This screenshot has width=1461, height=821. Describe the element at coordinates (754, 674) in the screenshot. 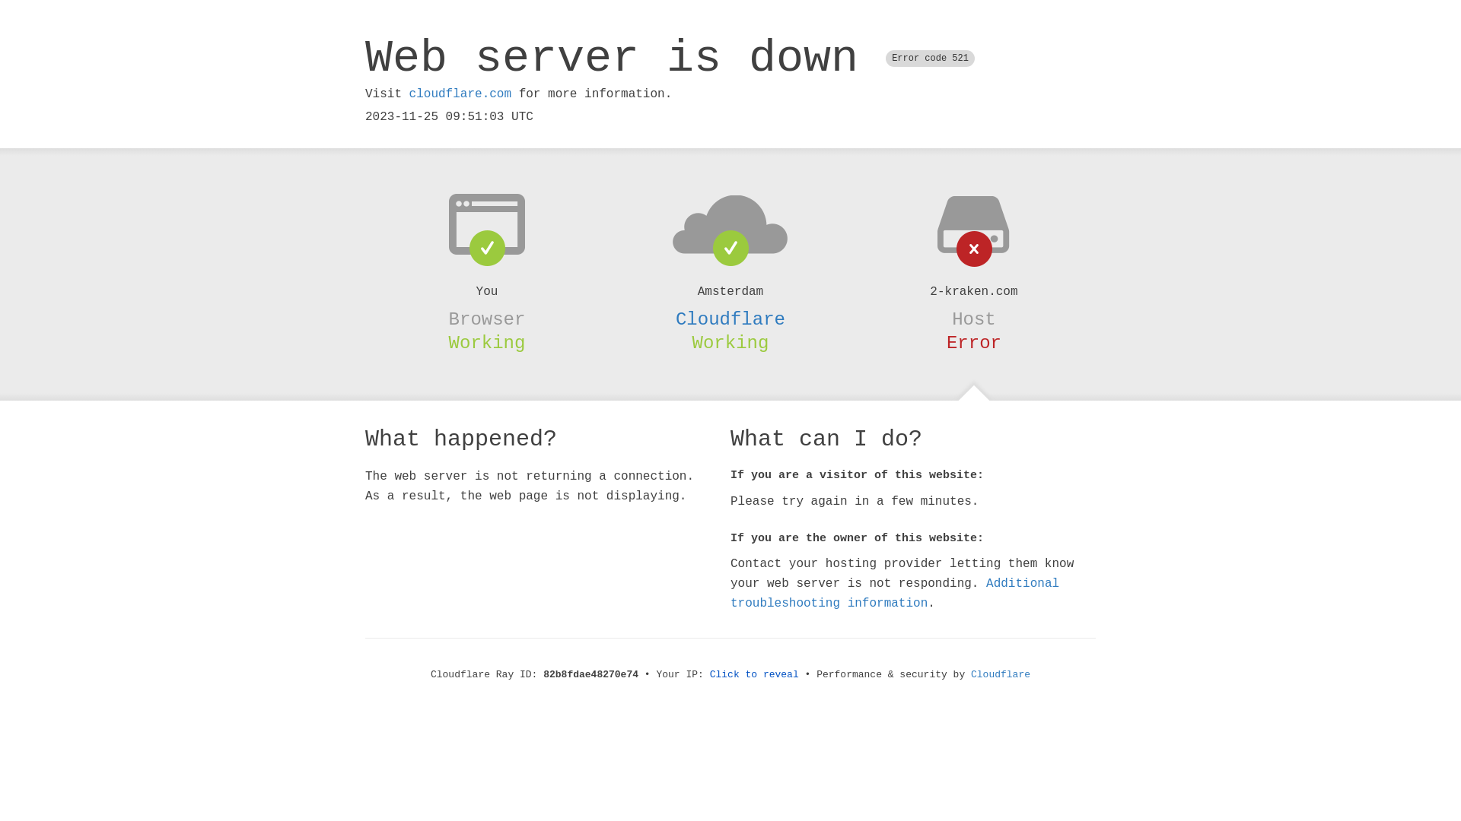

I see `'Click to reveal'` at that location.